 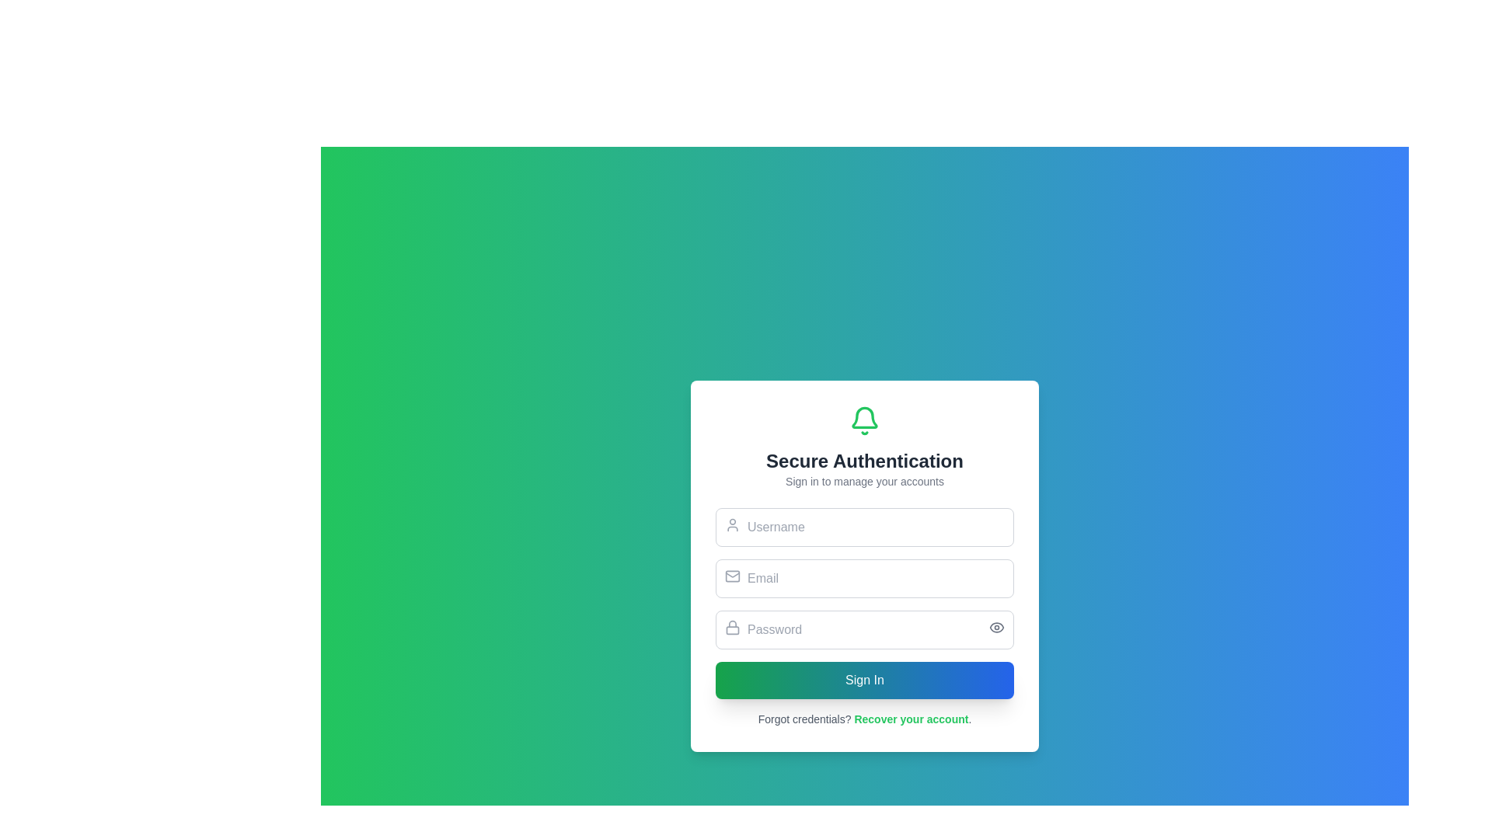 What do you see at coordinates (864, 719) in the screenshot?
I see `the link styled with gray text 'Forgot credentials?' and green bold text 'Recover your account.' located at the bottom of the centered form interface` at bounding box center [864, 719].